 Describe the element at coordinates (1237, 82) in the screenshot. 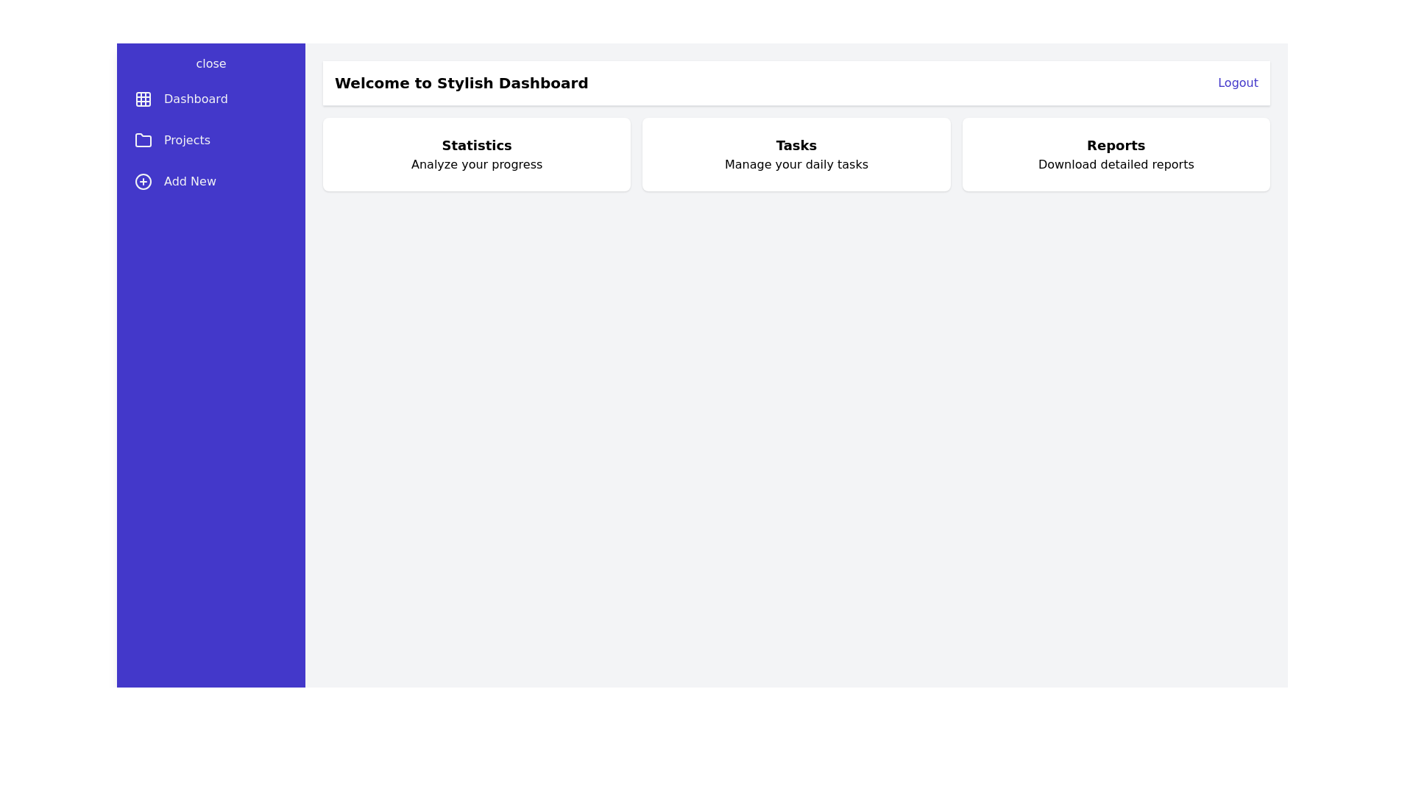

I see `the logout hyperlink located to the far right of the welcome message in the header section to log out of the application` at that location.